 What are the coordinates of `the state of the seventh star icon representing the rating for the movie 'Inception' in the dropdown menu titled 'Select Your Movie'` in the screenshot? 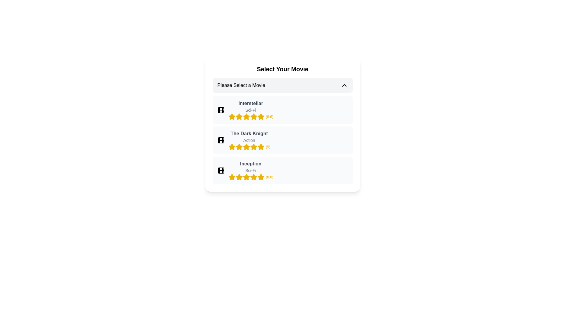 It's located at (253, 177).